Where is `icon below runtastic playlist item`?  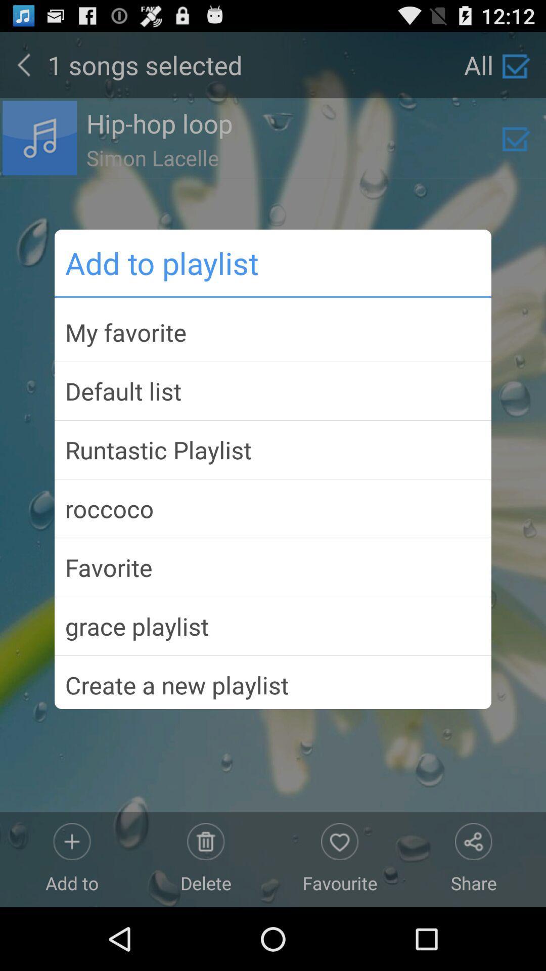 icon below runtastic playlist item is located at coordinates (273, 508).